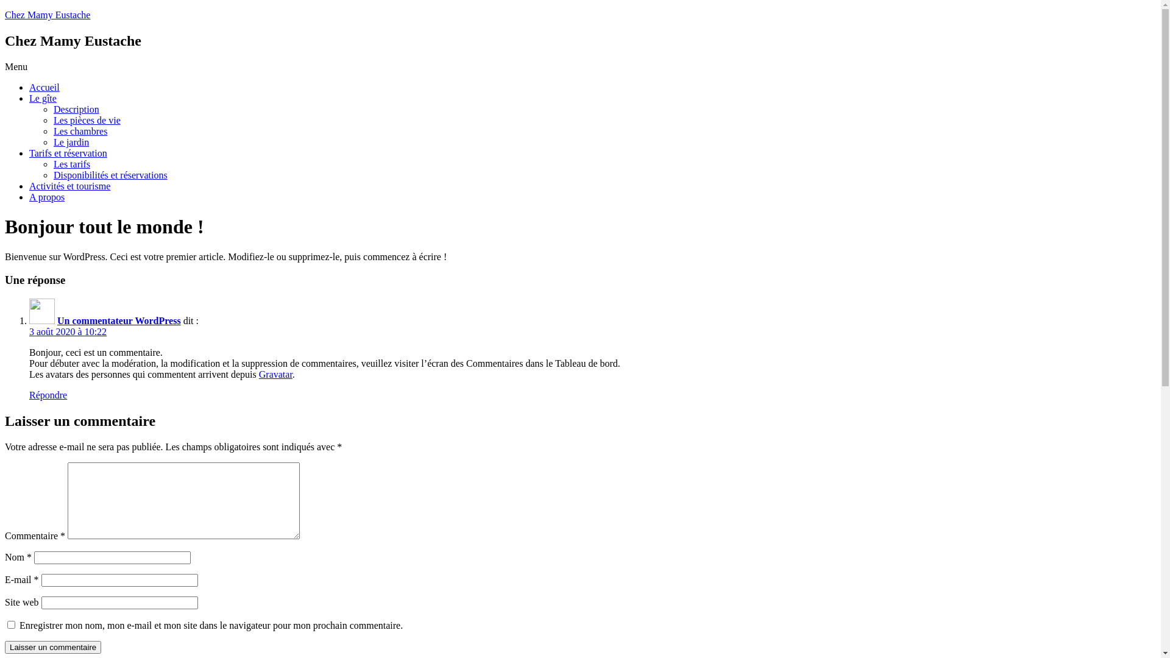 The width and height of the screenshot is (1170, 658). What do you see at coordinates (57, 320) in the screenshot?
I see `'Un commentateur WordPress'` at bounding box center [57, 320].